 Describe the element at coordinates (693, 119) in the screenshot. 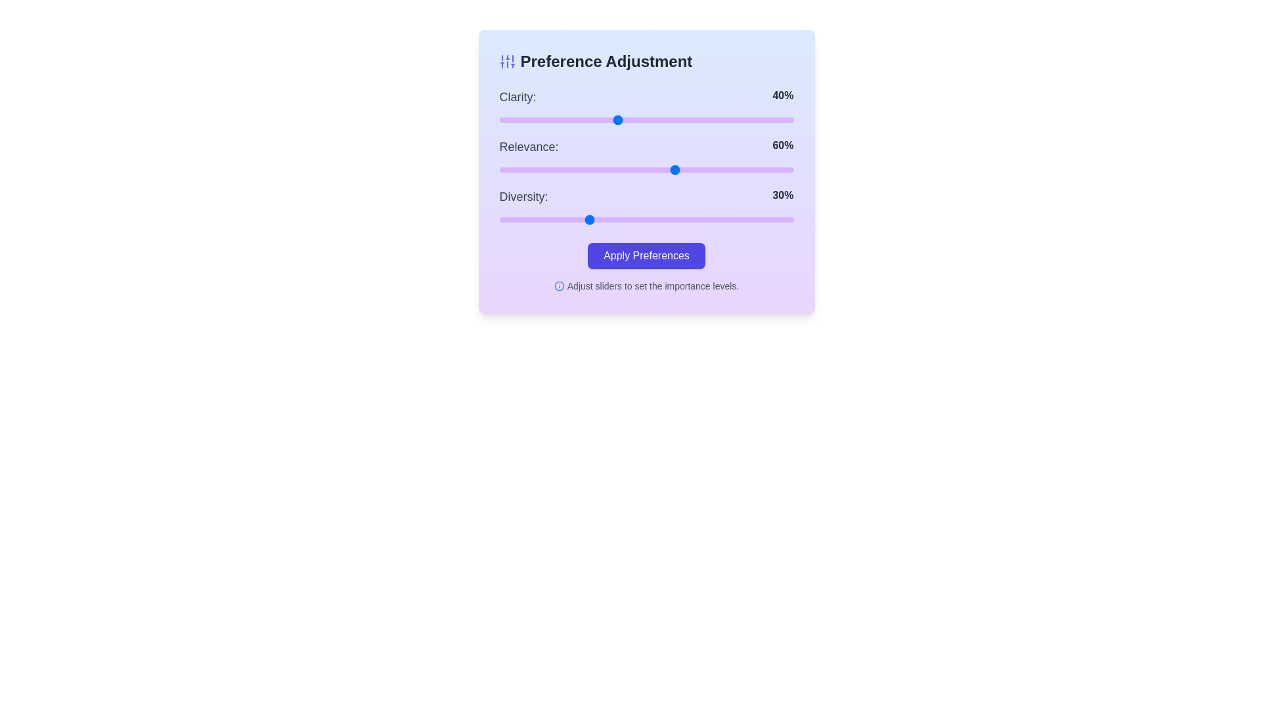

I see `the 0 slider to 66%` at that location.